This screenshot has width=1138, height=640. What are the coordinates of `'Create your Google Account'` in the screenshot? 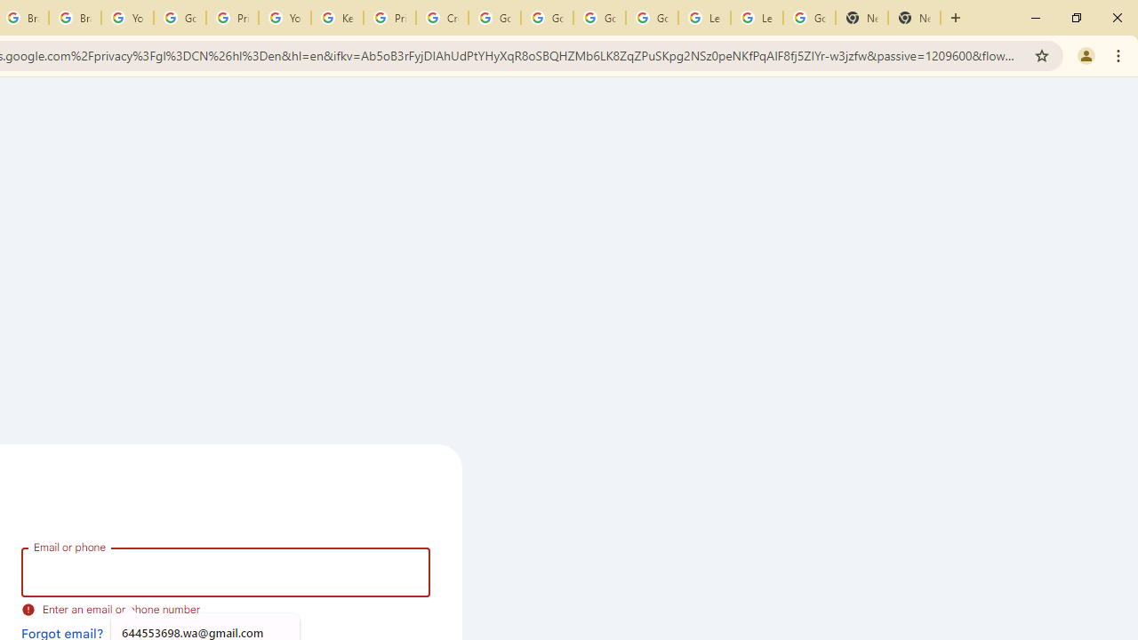 It's located at (442, 18).